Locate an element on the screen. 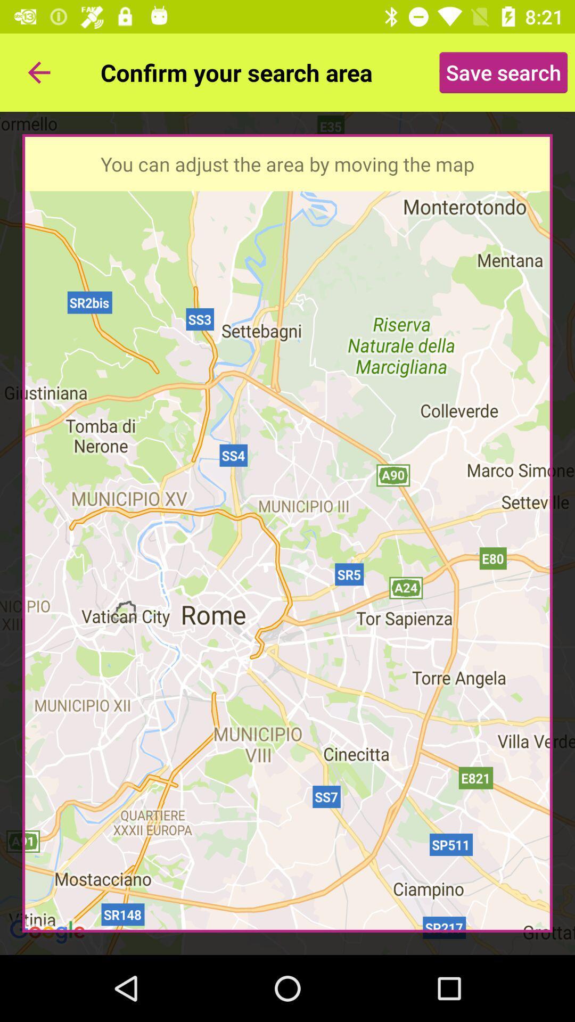 Image resolution: width=575 pixels, height=1022 pixels. item at the center is located at coordinates (287, 533).